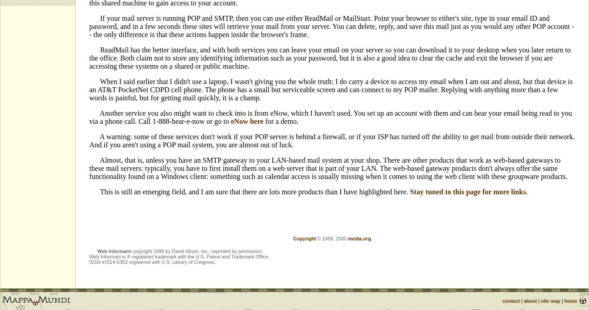 This screenshot has width=589, height=310. Describe the element at coordinates (332, 26) in the screenshot. I see `'If your mail server is running POP and SMTP, then you can use either ReadMail or MailStart. Point your browser to either's site, type in your email ID and password, and in a few seconds these sites will retrieve your mail from your server. You can delete, reply, and
save this mail just as you would any other POP account -- the only difference is that these actions happen inside the browser's frame.'` at that location.